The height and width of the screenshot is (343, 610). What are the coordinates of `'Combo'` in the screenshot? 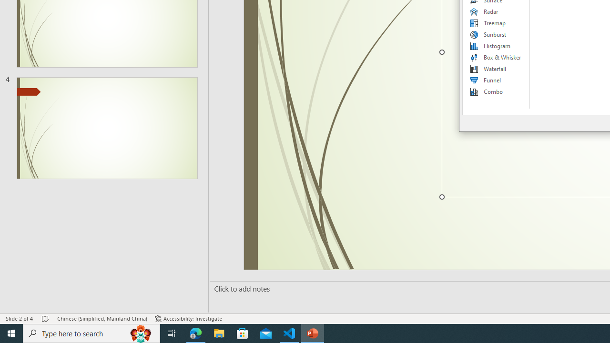 It's located at (496, 91).